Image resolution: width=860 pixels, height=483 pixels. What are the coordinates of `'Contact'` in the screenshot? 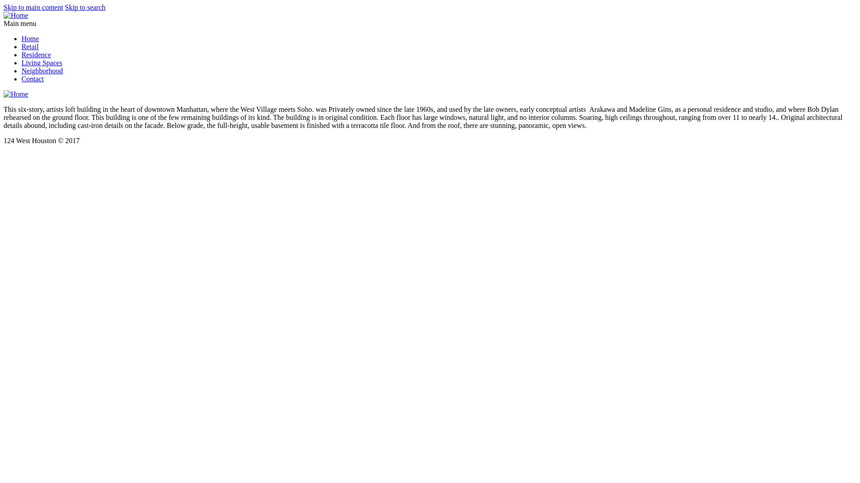 It's located at (32, 78).